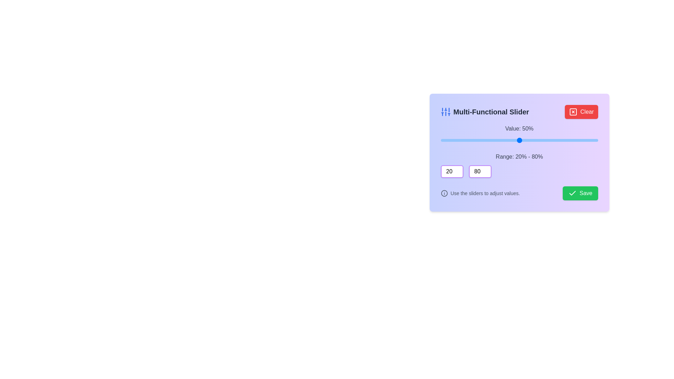  I want to click on the color and design of the check icon located within the green 'Save' button at the bottom right corner of the dialog box, so click(573, 193).